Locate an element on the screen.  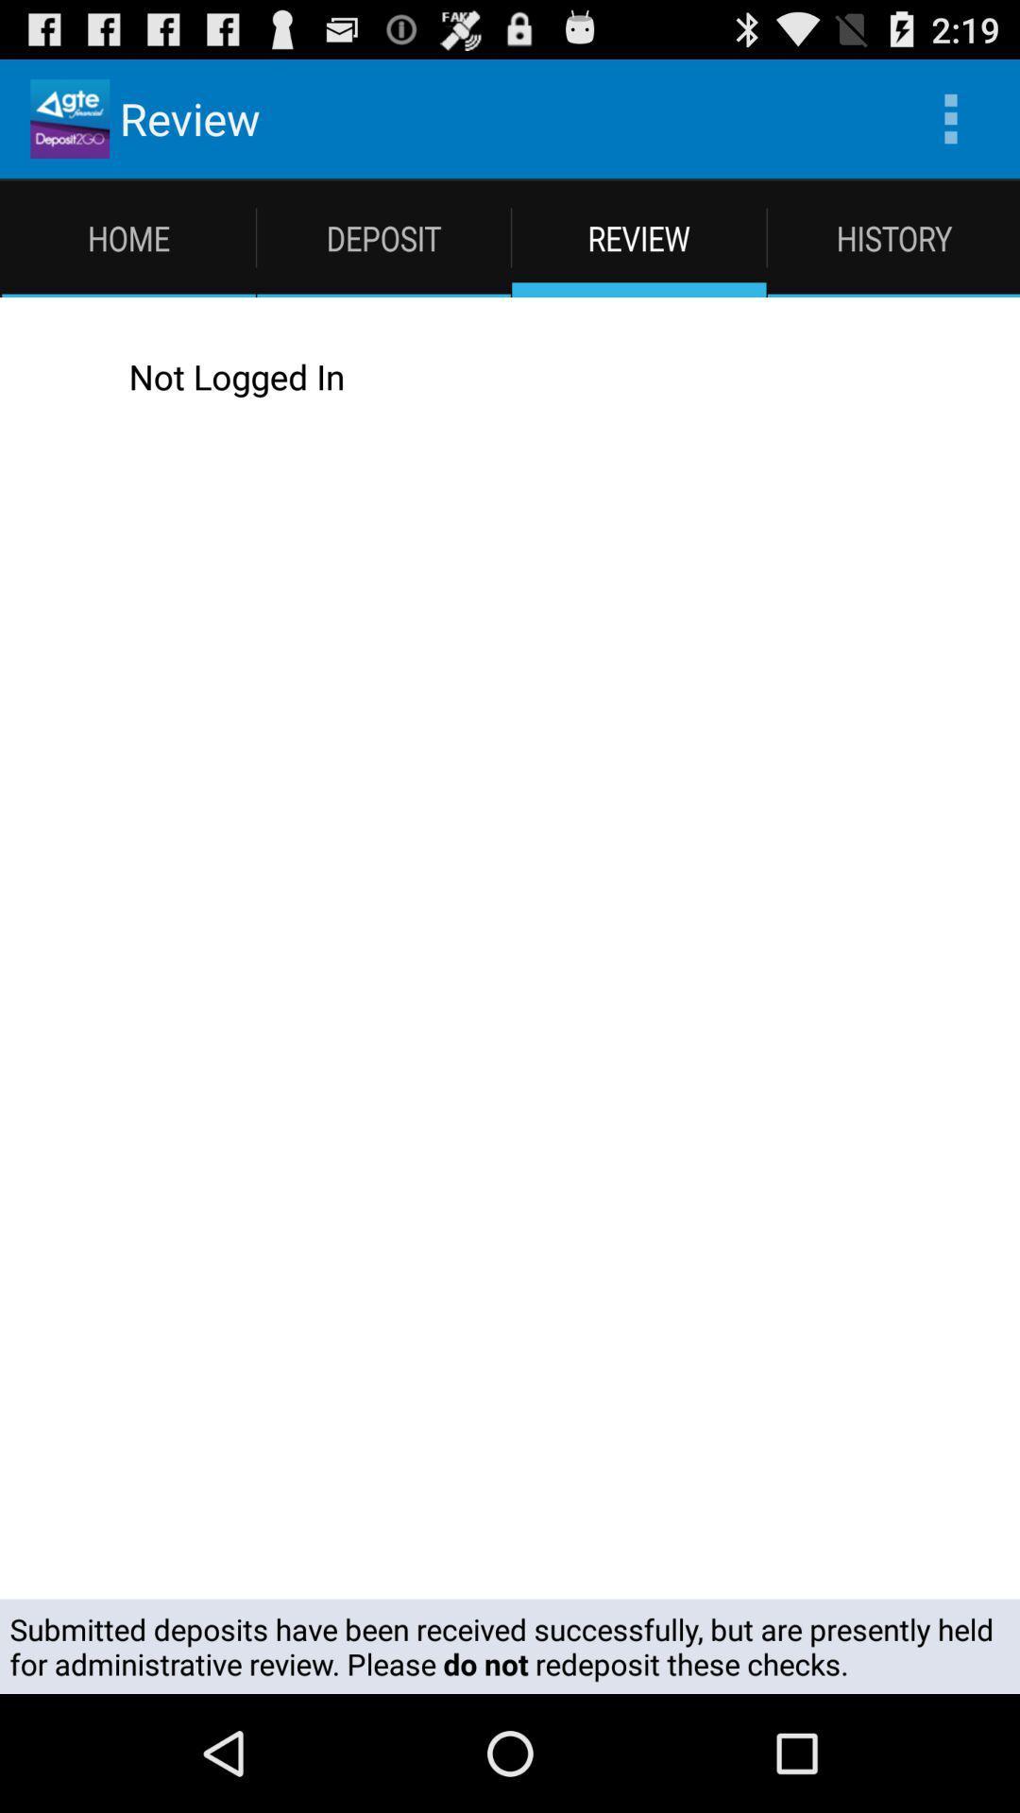
icon to the left of not logged in icon is located at coordinates (51, 376).